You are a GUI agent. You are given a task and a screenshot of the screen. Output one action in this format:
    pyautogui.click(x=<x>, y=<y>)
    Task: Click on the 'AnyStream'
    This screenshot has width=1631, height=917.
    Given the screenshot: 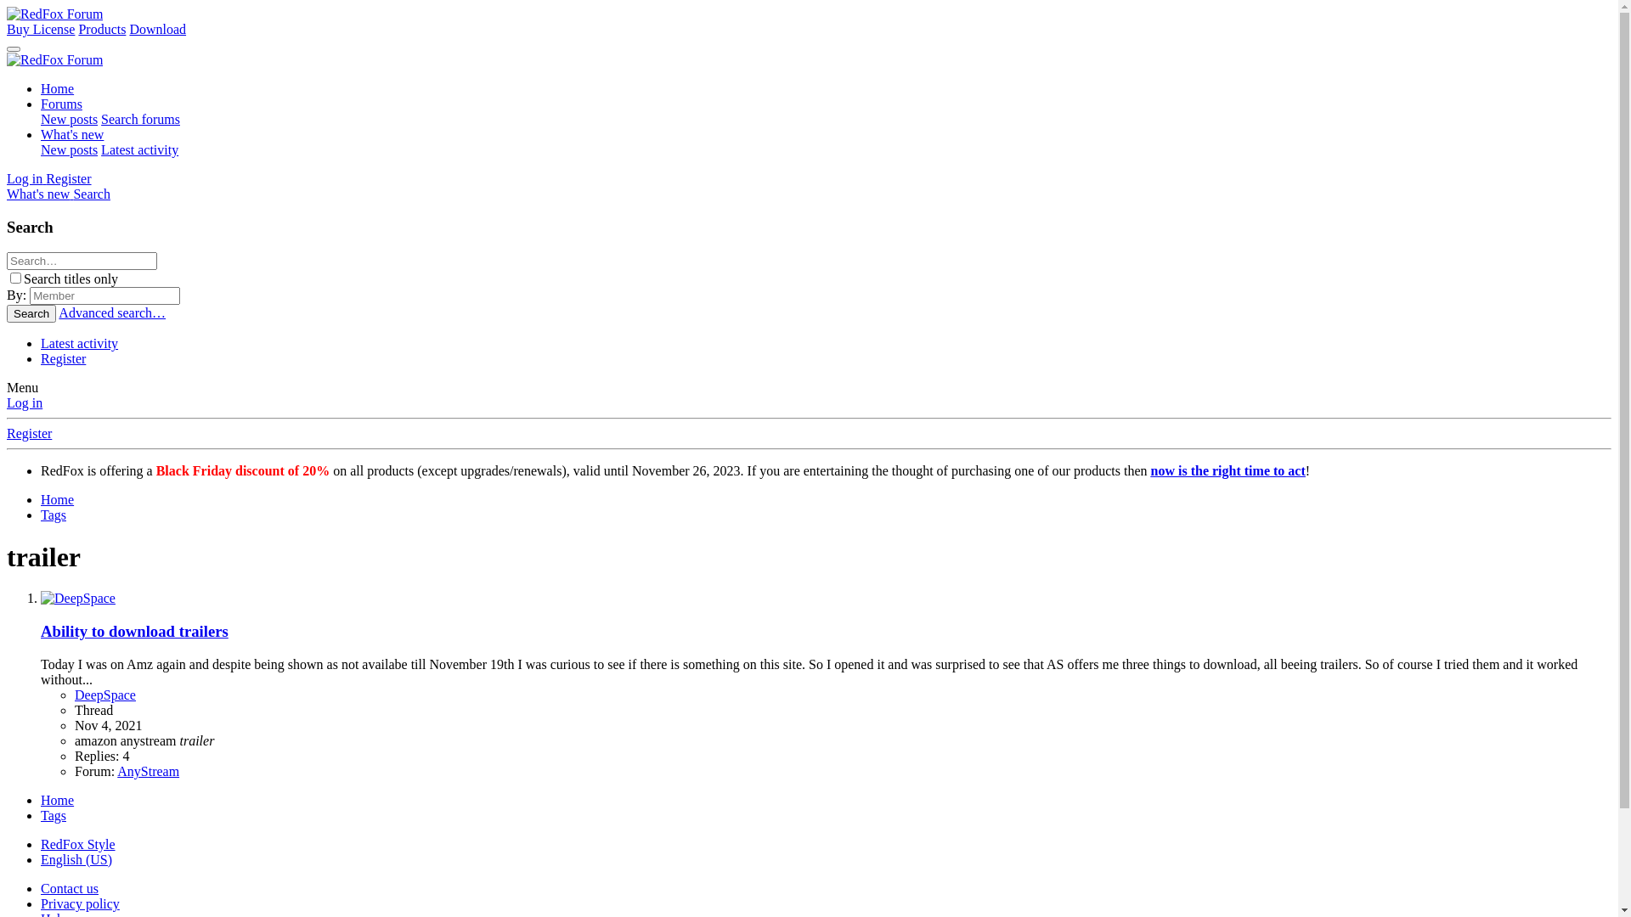 What is the action you would take?
    pyautogui.click(x=116, y=771)
    